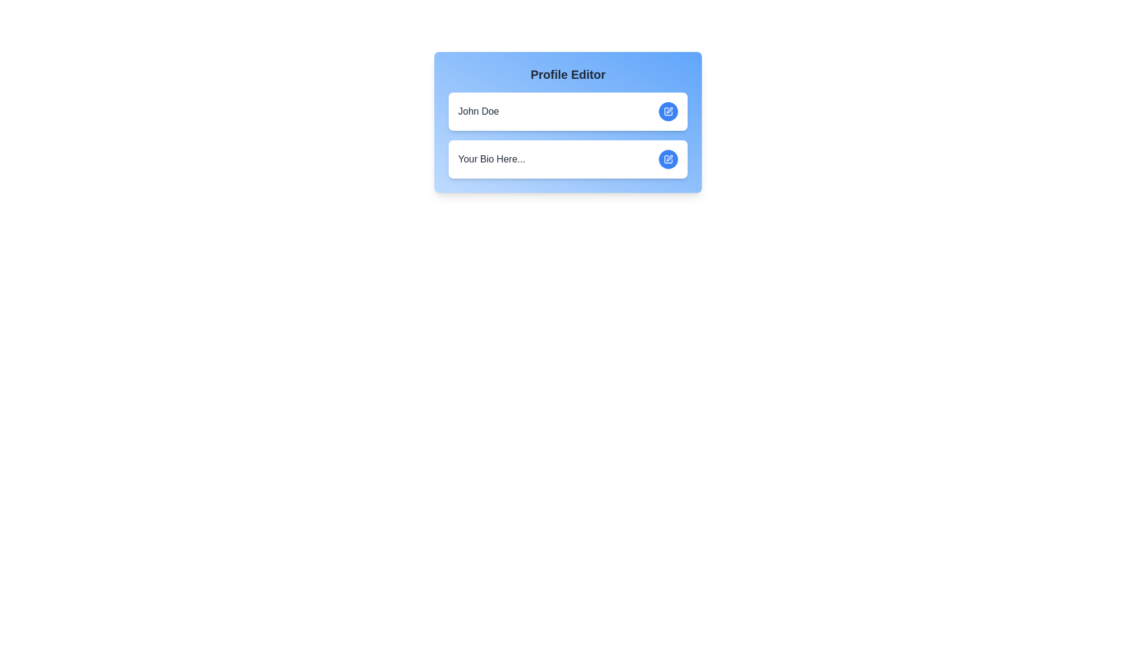  Describe the element at coordinates (670, 110) in the screenshot. I see `the edit icon located in the top right corner of the input field labeled 'John Doe', which is inside a blue circular button` at that location.